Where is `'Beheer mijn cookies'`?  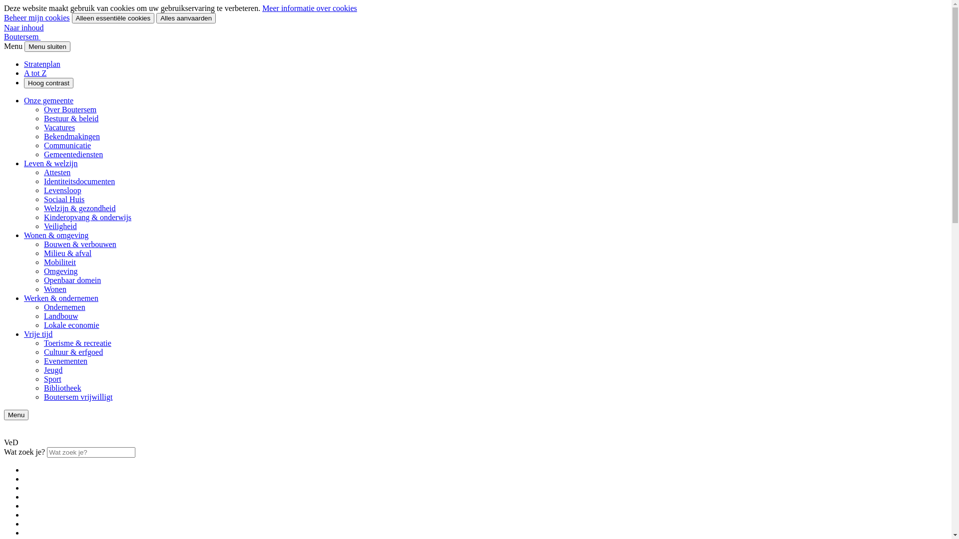
'Beheer mijn cookies' is located at coordinates (36, 17).